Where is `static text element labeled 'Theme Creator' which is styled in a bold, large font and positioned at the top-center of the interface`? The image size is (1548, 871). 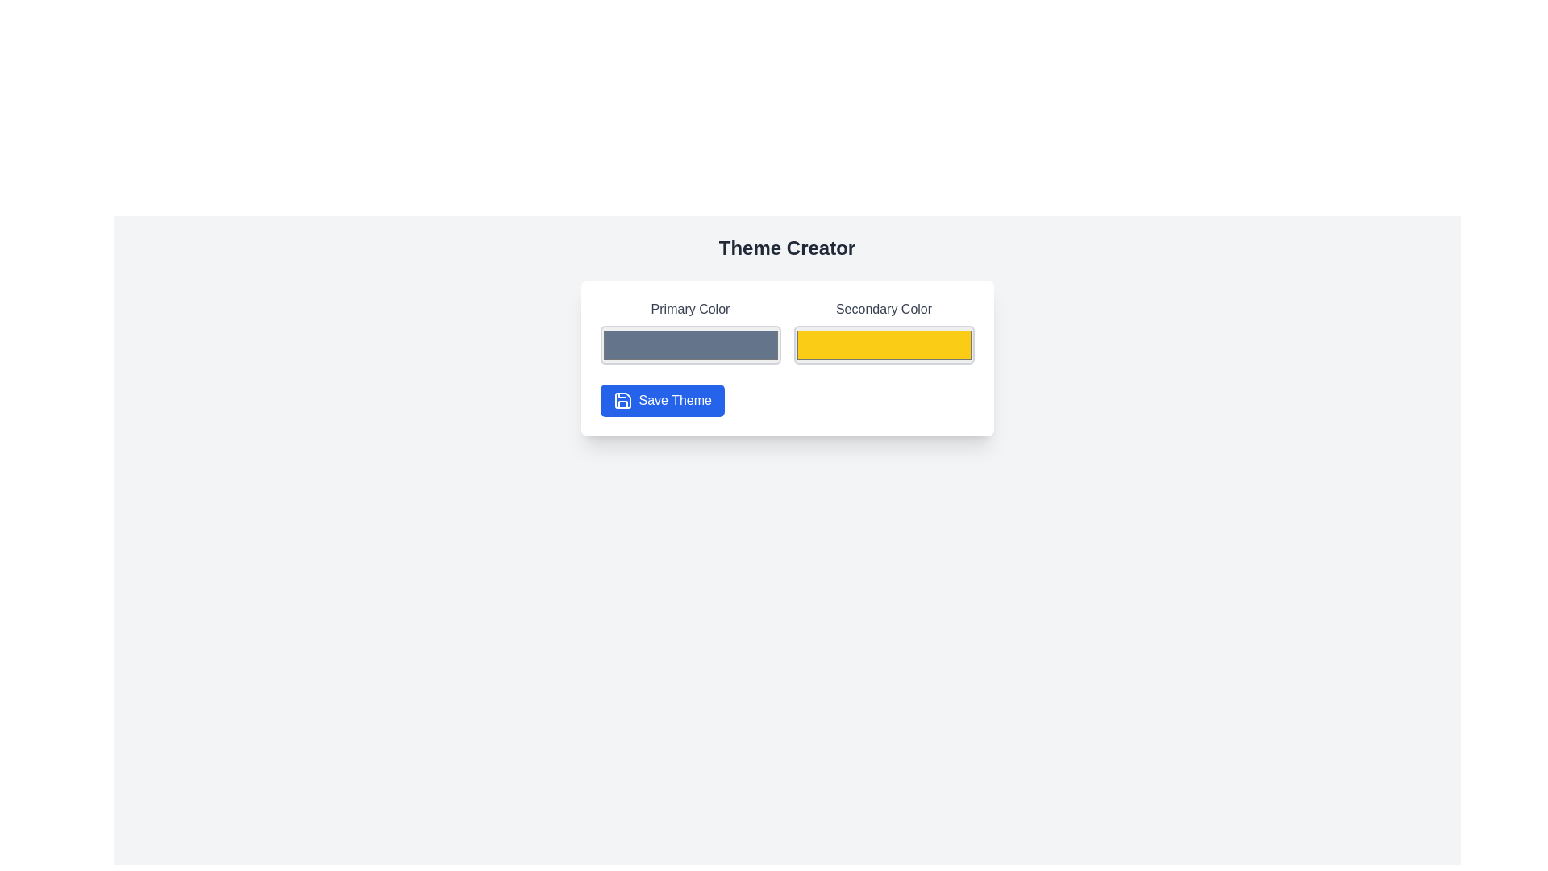
static text element labeled 'Theme Creator' which is styled in a bold, large font and positioned at the top-center of the interface is located at coordinates (787, 248).